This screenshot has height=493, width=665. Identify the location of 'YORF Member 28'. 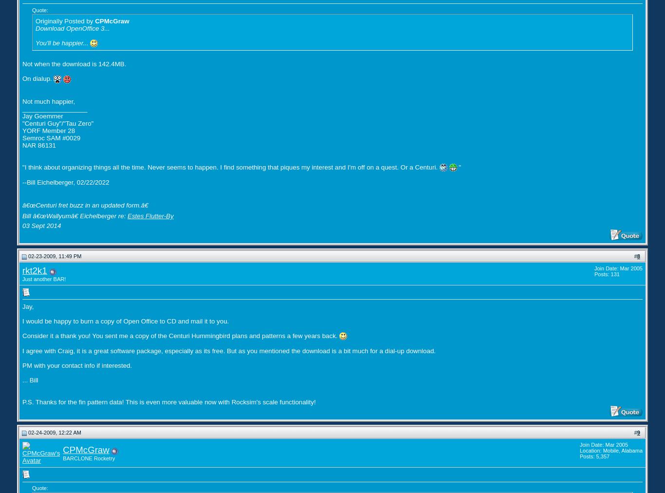
(48, 130).